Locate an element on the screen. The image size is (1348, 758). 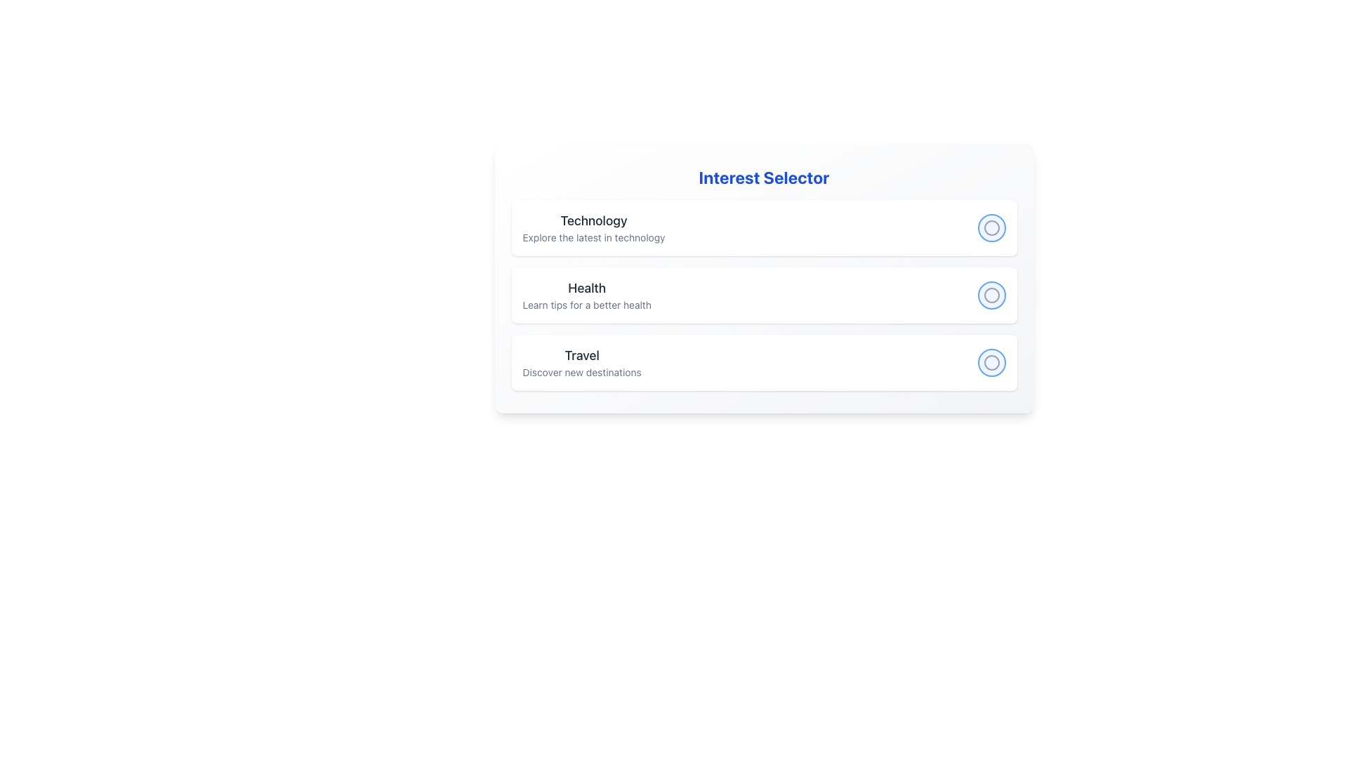
the radio button with a blue outline and lighter blue background located in the bottom right corner of the 'Travel' card, which has the text 'Discover new destinations' is located at coordinates (991, 361).